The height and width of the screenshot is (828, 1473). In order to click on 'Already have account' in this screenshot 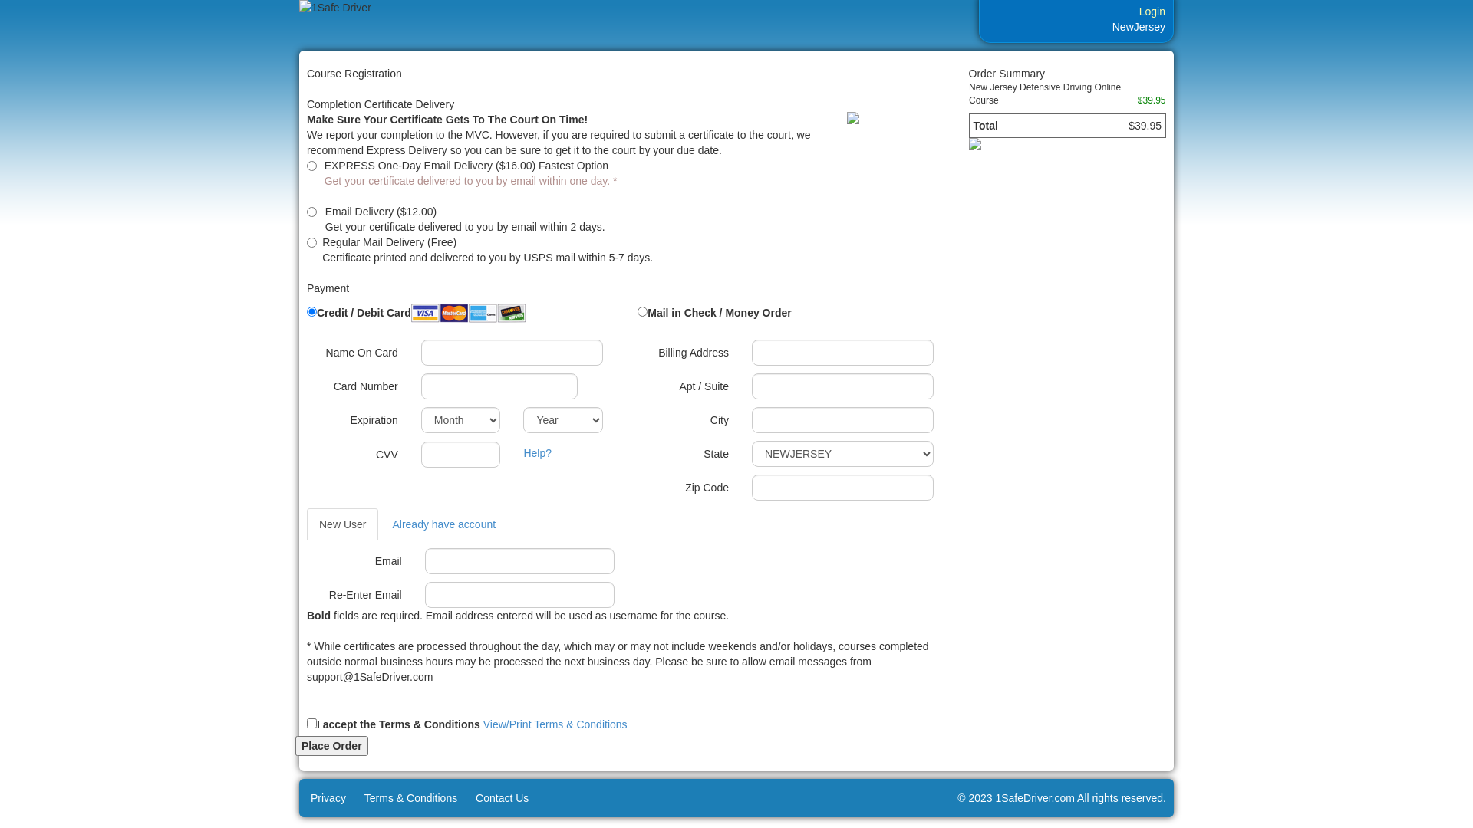, I will do `click(443, 523)`.